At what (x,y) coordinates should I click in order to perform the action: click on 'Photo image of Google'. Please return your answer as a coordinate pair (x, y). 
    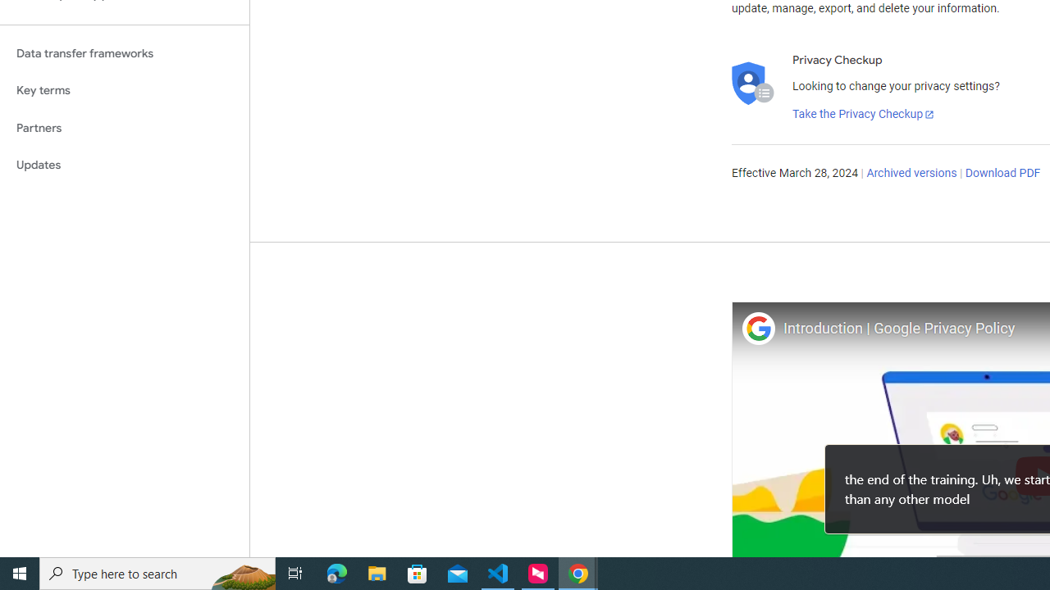
    Looking at the image, I should click on (757, 328).